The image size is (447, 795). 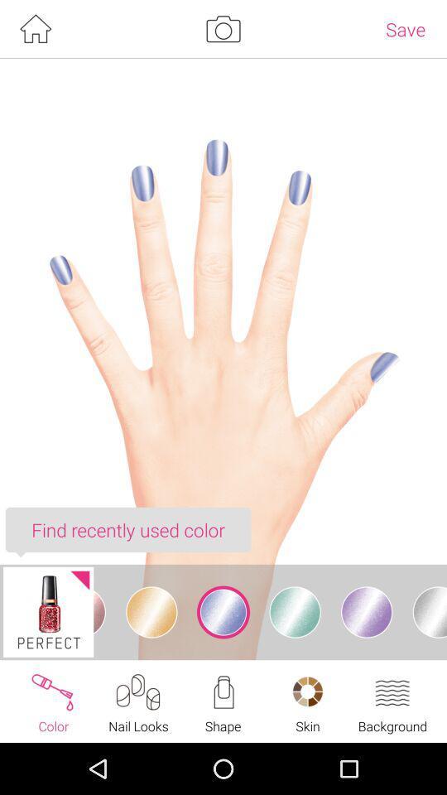 What do you see at coordinates (35, 30) in the screenshot?
I see `the home icon` at bounding box center [35, 30].